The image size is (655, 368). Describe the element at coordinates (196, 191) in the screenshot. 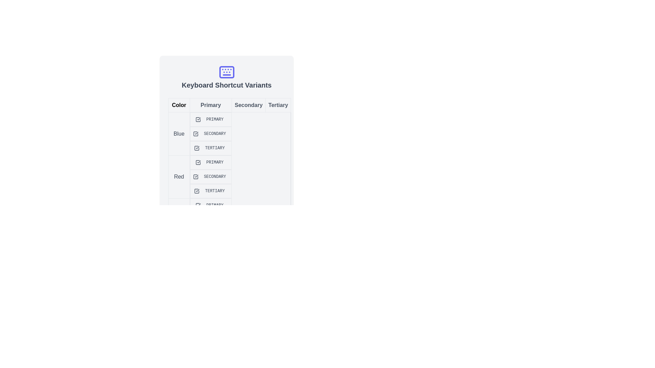

I see `the 'Tertiary' state icon in the 'Red' row of the table to interact with it` at that location.